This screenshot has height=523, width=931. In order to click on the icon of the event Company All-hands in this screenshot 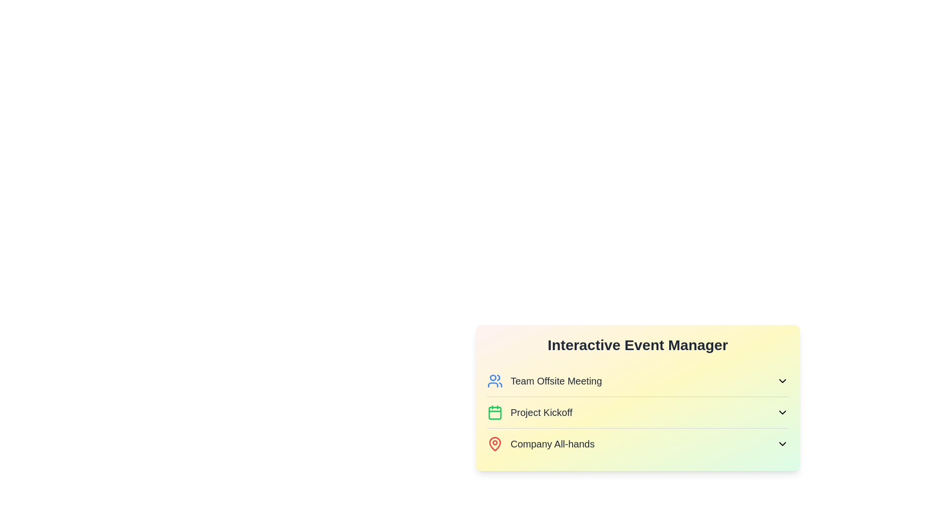, I will do `click(495, 444)`.